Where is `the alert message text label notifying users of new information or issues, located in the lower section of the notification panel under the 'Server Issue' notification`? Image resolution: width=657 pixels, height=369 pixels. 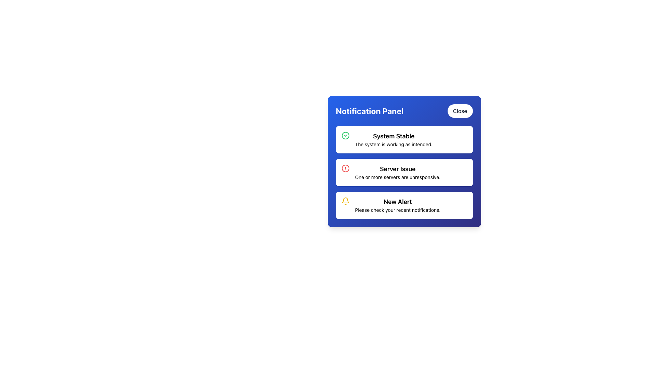 the alert message text label notifying users of new information or issues, located in the lower section of the notification panel under the 'Server Issue' notification is located at coordinates (398, 205).